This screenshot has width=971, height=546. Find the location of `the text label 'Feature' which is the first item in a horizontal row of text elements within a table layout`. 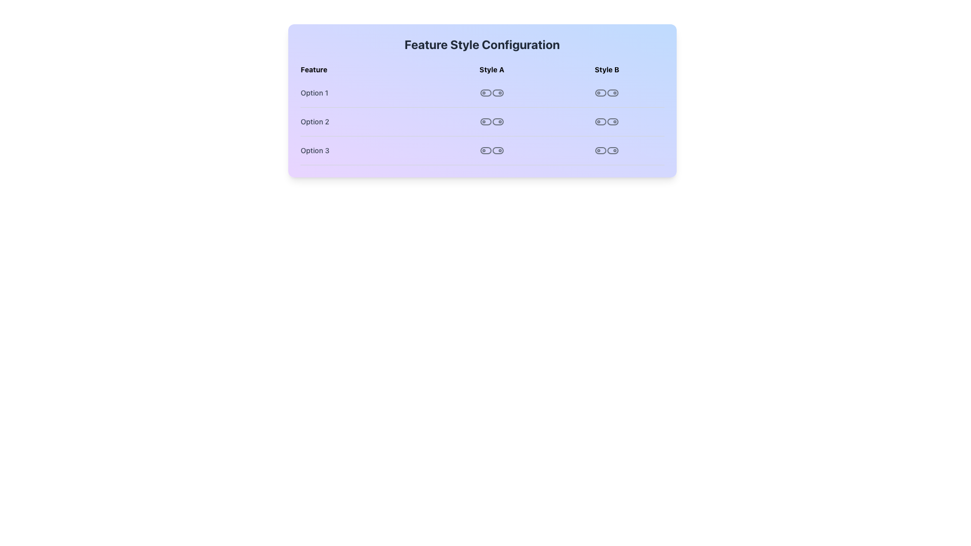

the text label 'Feature' which is the first item in a horizontal row of text elements within a table layout is located at coordinates (366, 69).